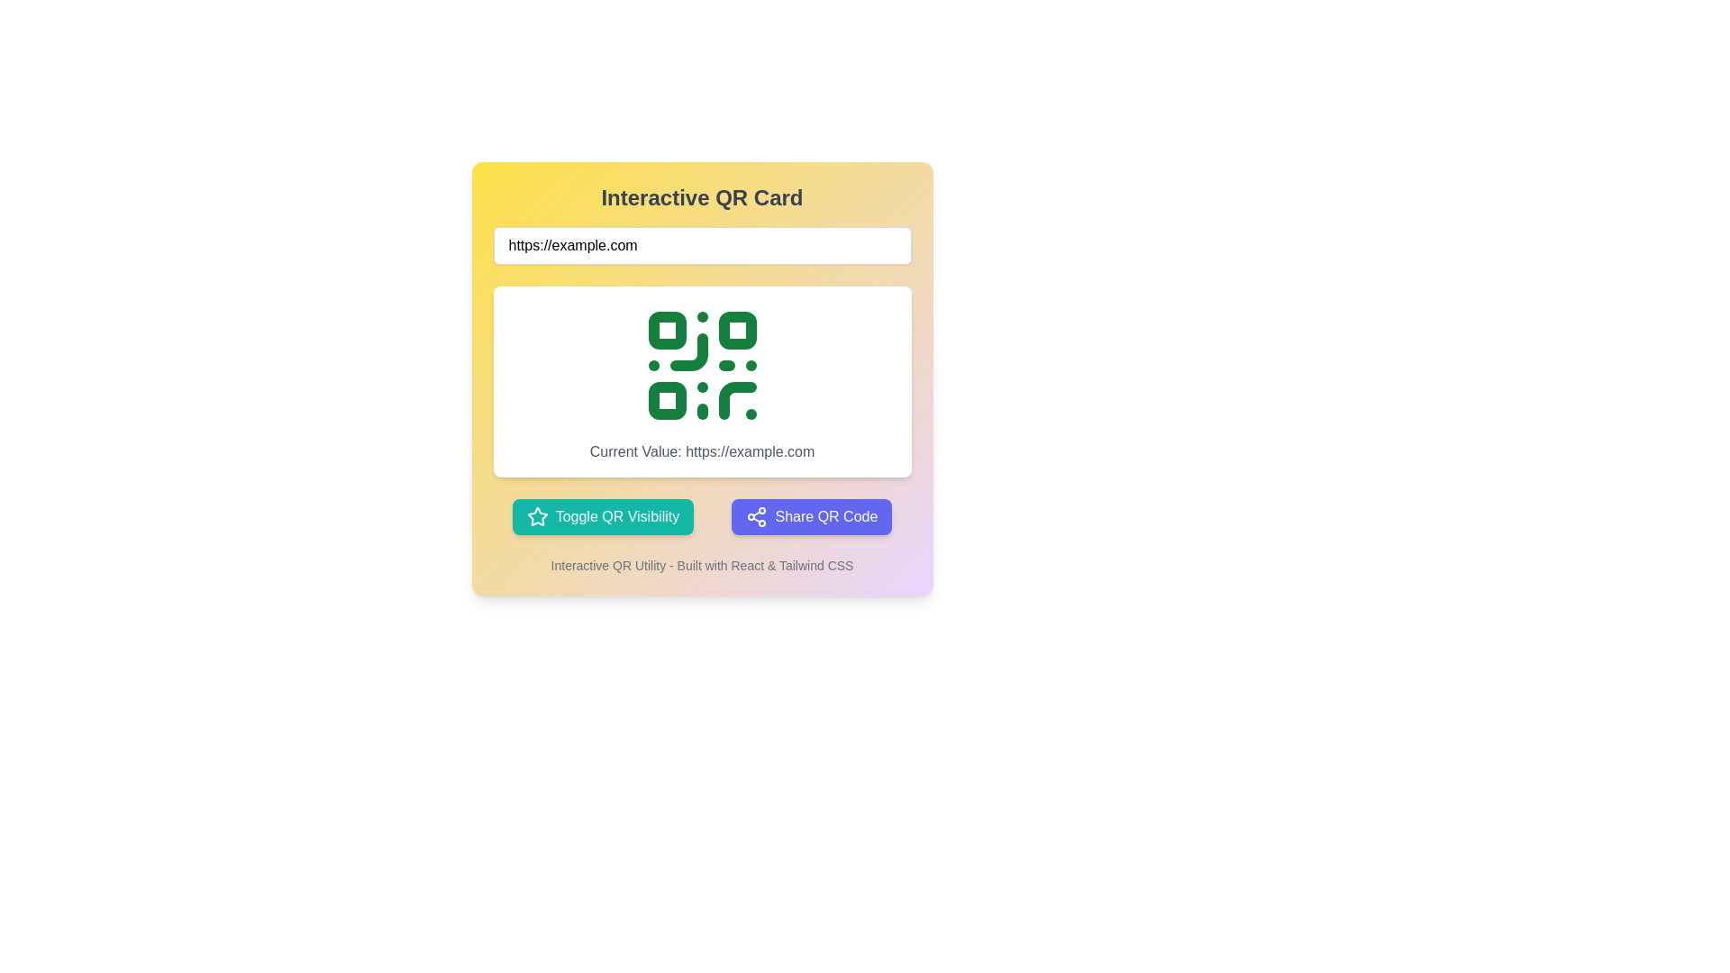  I want to click on the star-shaped SVG icon located at the bottom right corner of the interface, which is part of a section containing buttons, so click(536, 516).